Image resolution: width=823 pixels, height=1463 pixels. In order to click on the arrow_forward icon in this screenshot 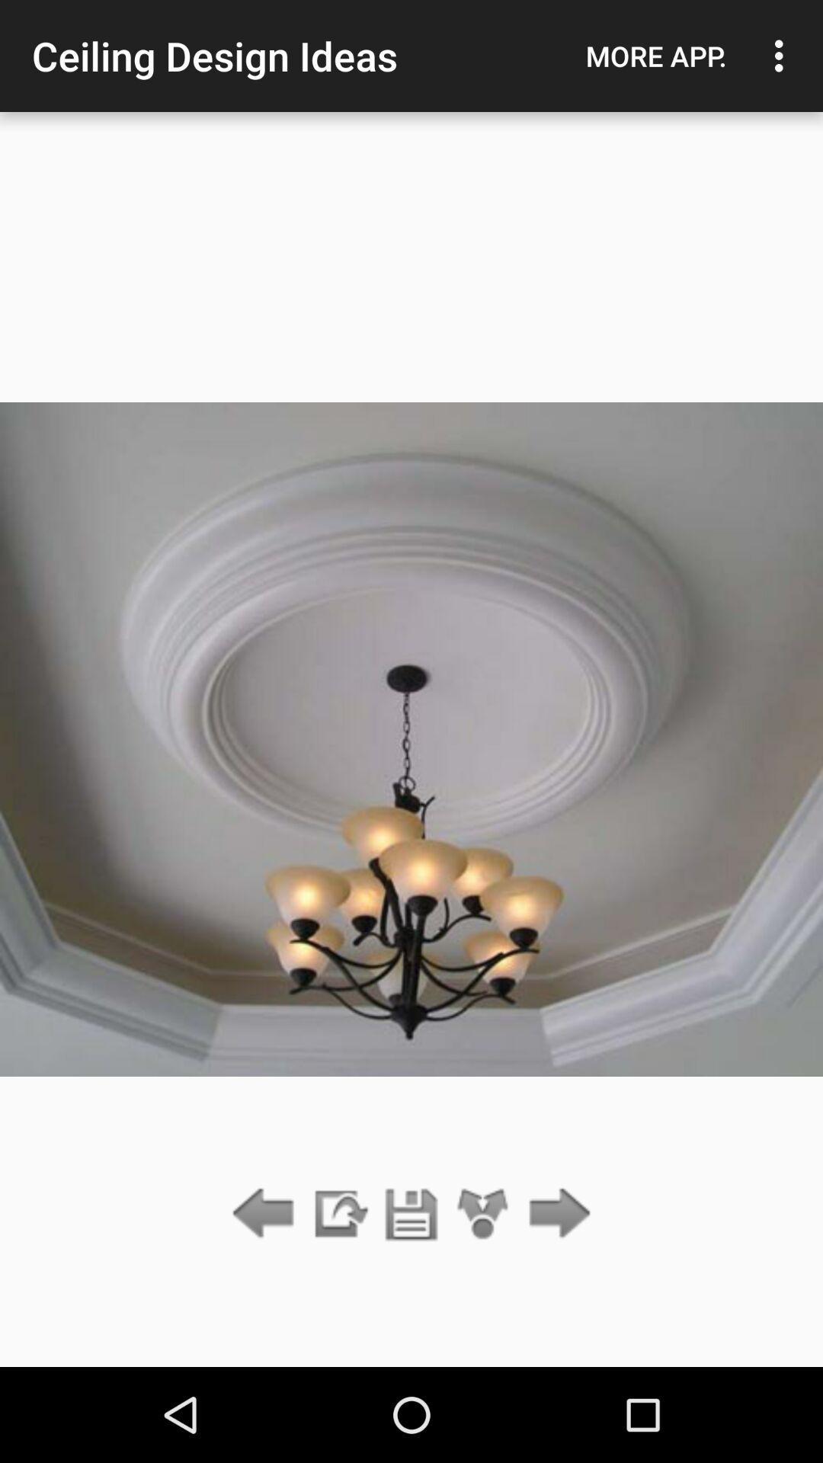, I will do `click(556, 1214)`.